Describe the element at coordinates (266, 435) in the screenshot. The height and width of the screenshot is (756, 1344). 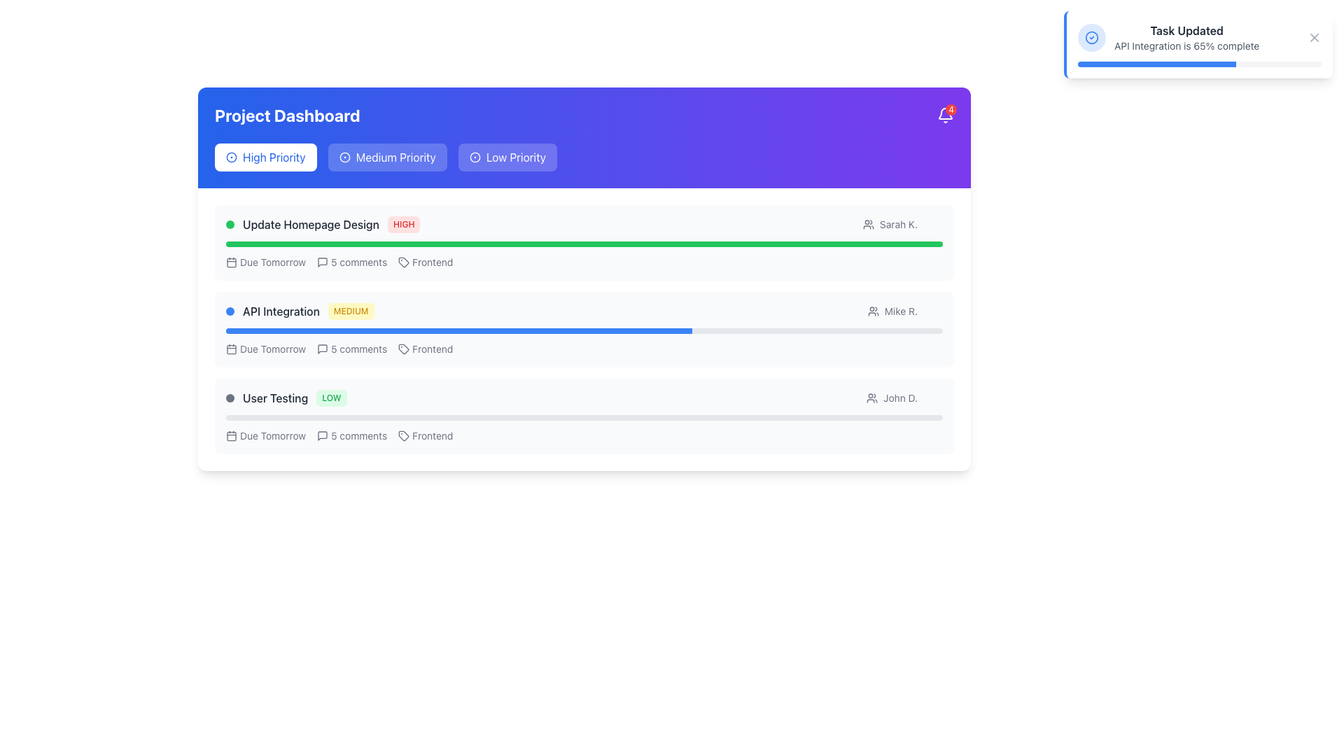
I see `the 'Due Tomorrow' text label located in the 'User Testing' section of the dashboard, which is accompanied by a calendar icon to its left` at that location.